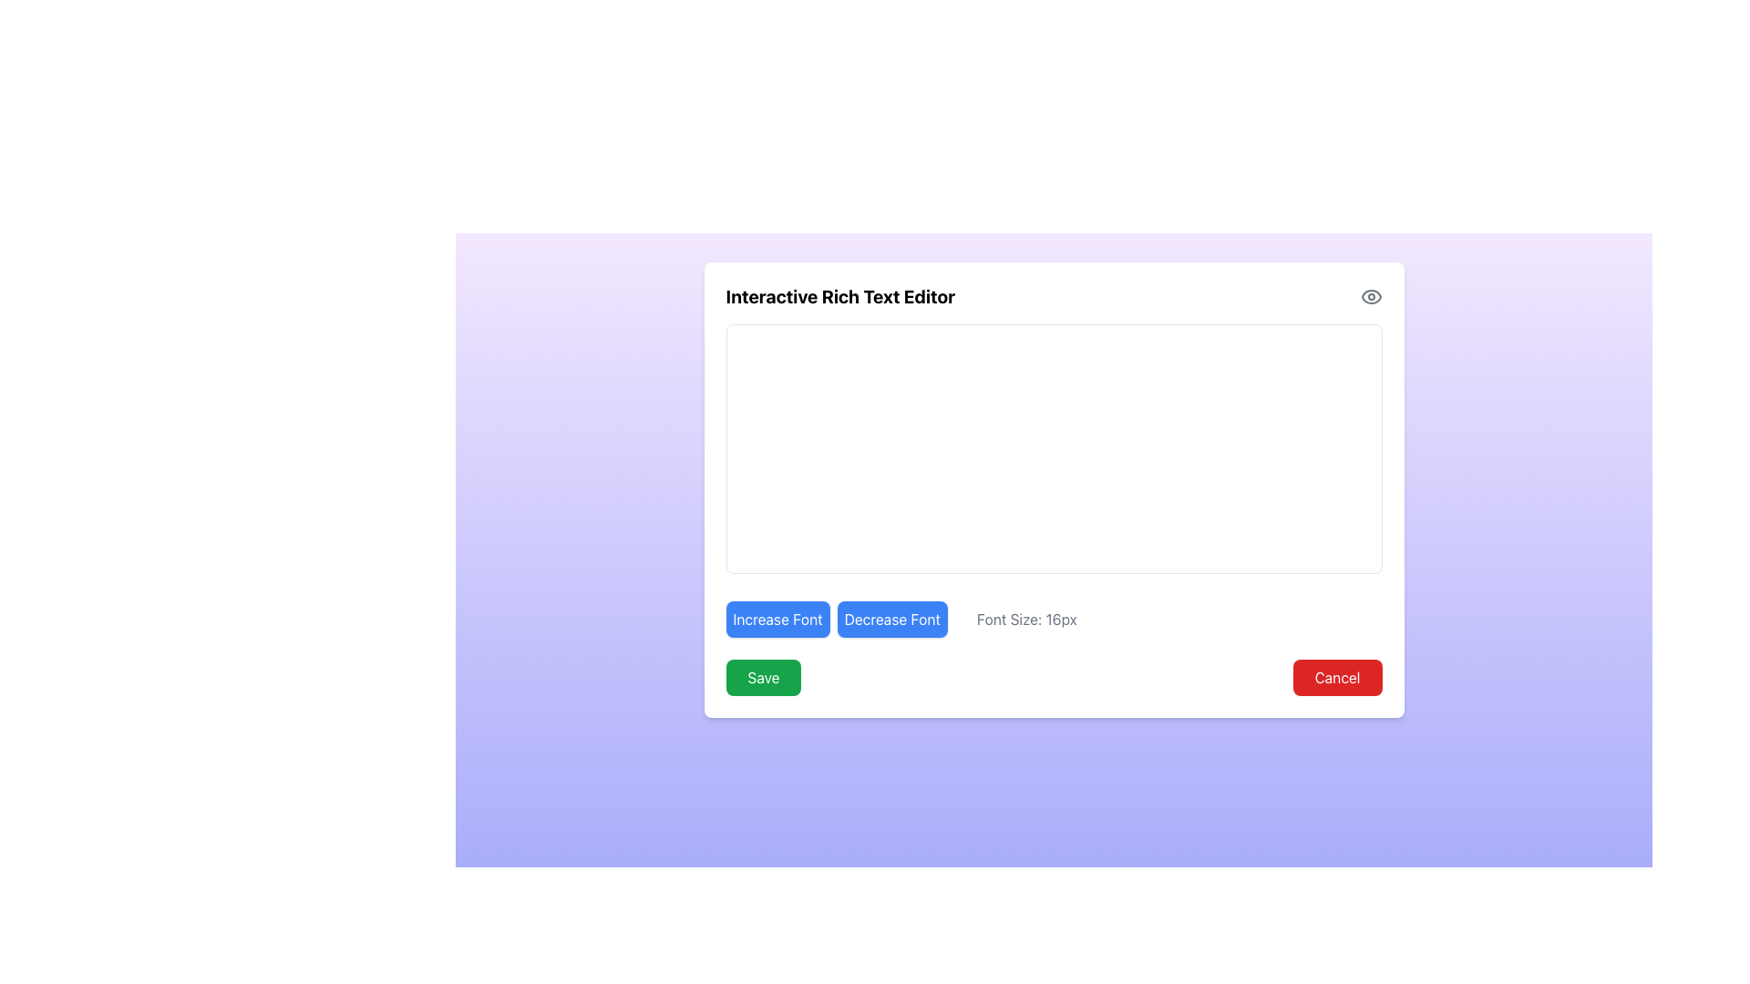 The width and height of the screenshot is (1750, 984). I want to click on the 'Decrease Font' button in the group of font size adjustment buttons located at the bottom left section of the text editor, so click(836, 618).